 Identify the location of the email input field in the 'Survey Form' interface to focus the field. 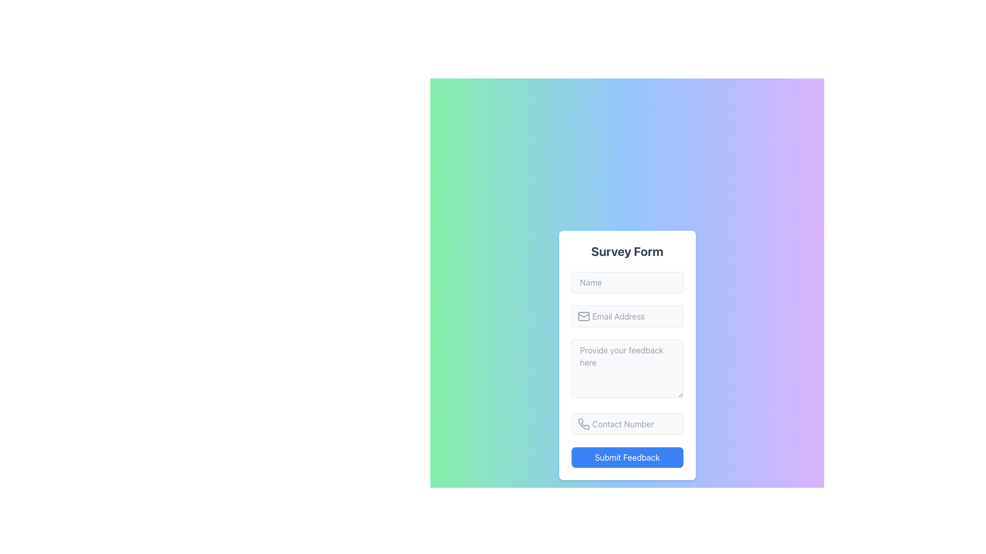
(627, 316).